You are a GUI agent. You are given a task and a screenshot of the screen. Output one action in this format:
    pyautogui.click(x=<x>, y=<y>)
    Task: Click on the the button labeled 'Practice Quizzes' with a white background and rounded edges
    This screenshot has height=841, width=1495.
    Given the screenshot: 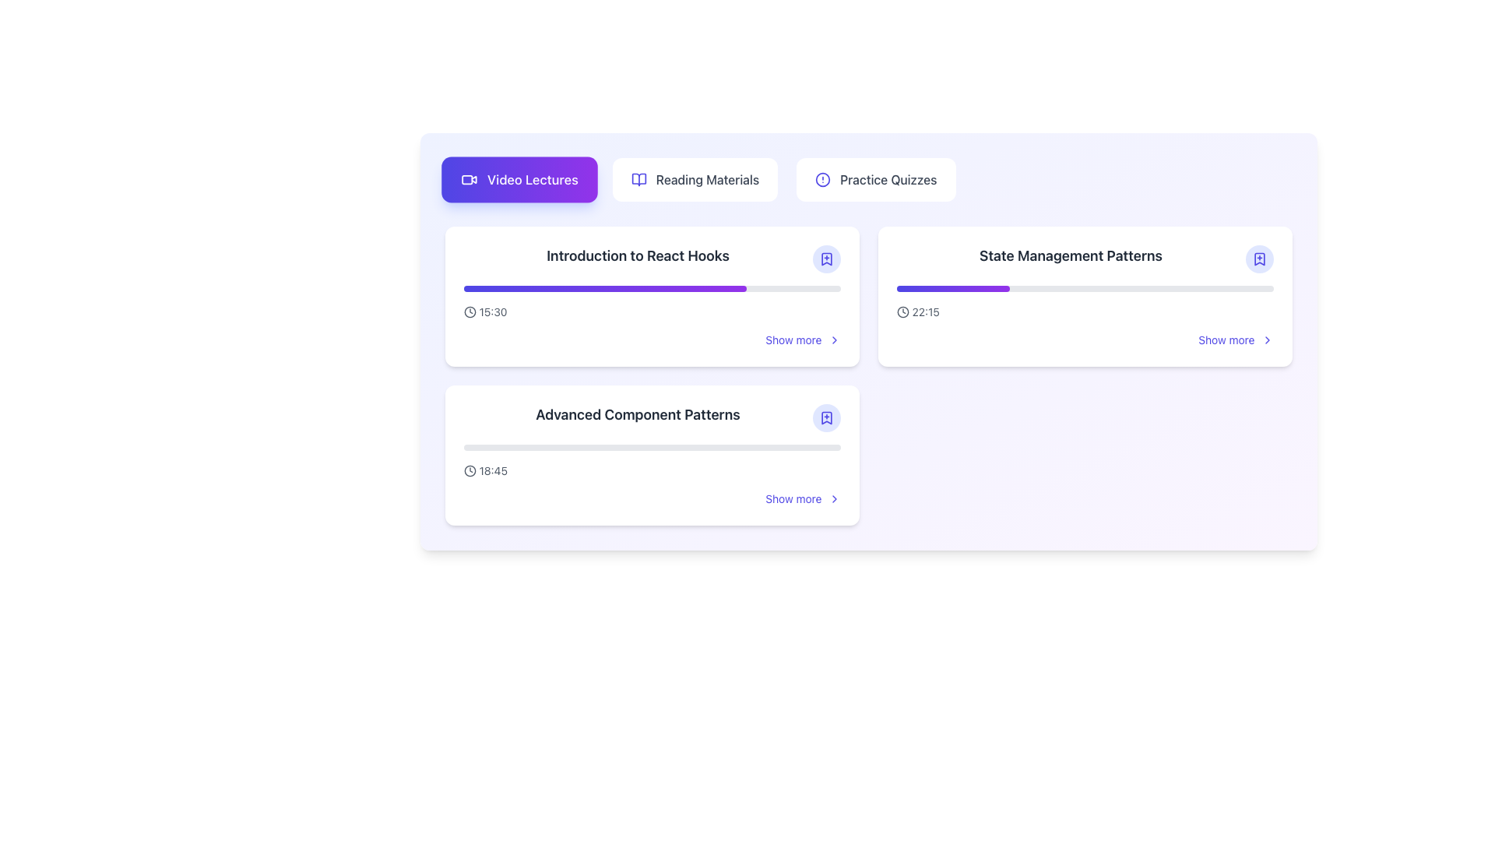 What is the action you would take?
    pyautogui.click(x=876, y=179)
    